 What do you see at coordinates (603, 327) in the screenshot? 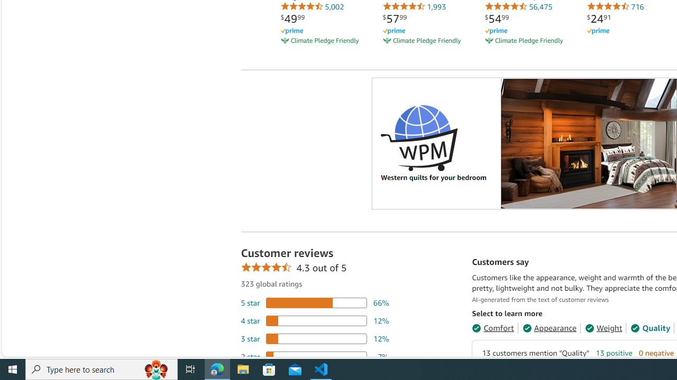
I see `'Weight'` at bounding box center [603, 327].